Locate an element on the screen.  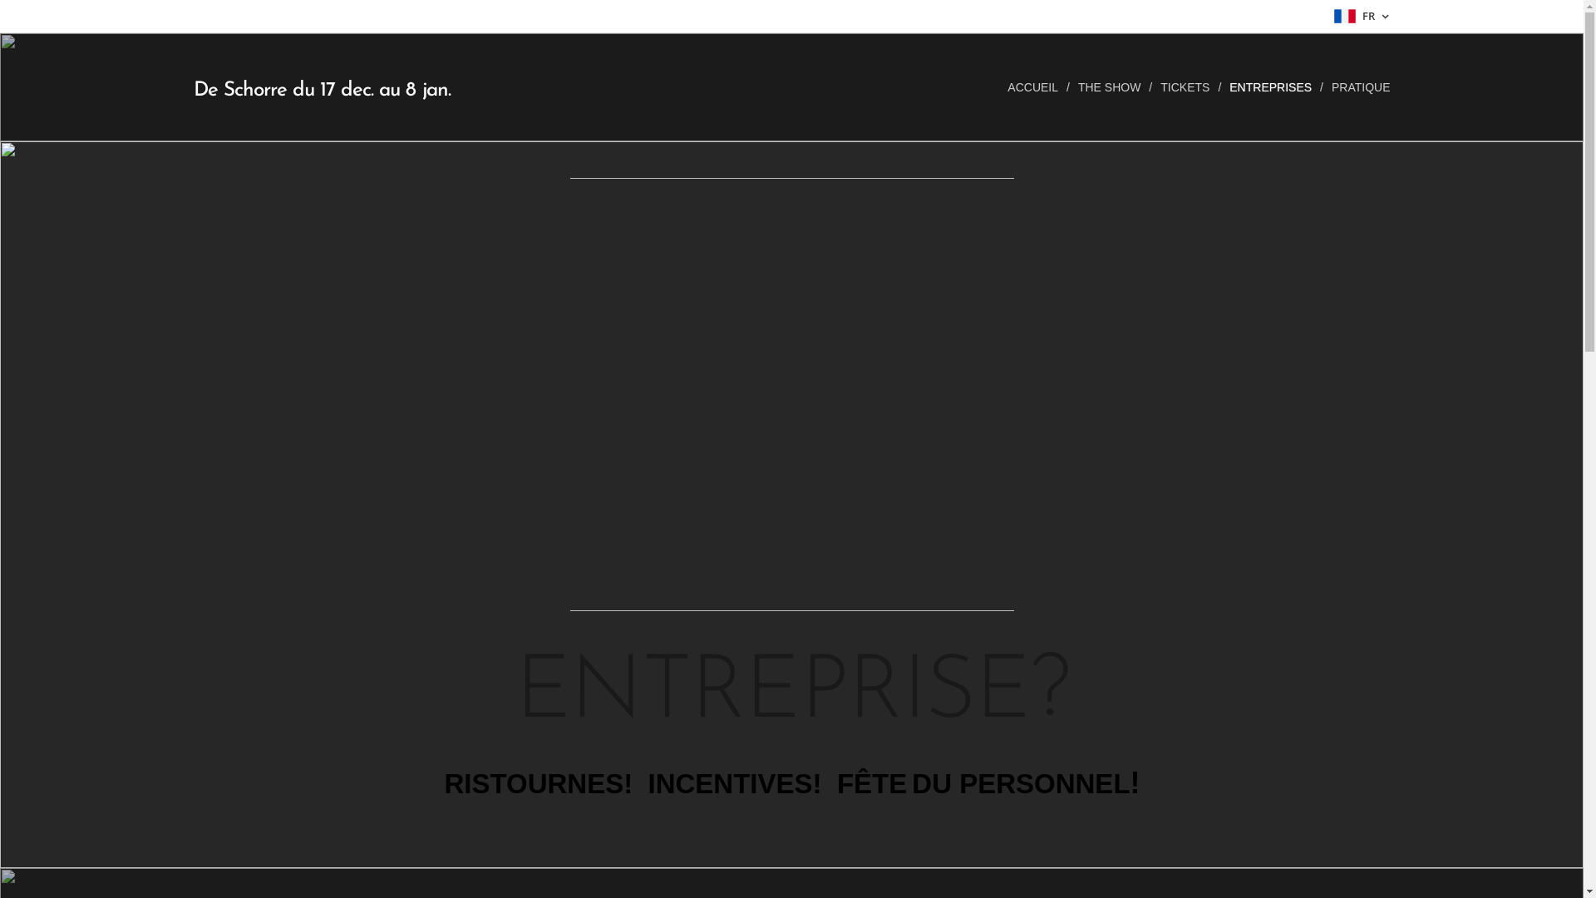
'ACCUEIL' is located at coordinates (1036, 86).